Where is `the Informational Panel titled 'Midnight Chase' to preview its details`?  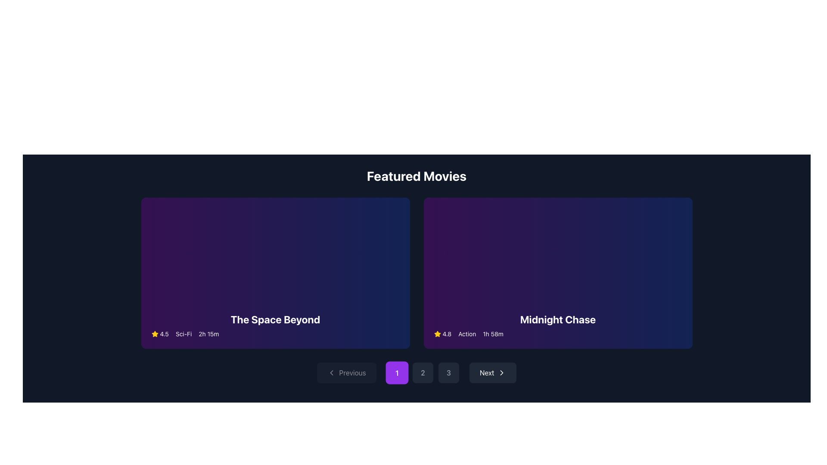
the Informational Panel titled 'Midnight Chase' to preview its details is located at coordinates (558, 325).